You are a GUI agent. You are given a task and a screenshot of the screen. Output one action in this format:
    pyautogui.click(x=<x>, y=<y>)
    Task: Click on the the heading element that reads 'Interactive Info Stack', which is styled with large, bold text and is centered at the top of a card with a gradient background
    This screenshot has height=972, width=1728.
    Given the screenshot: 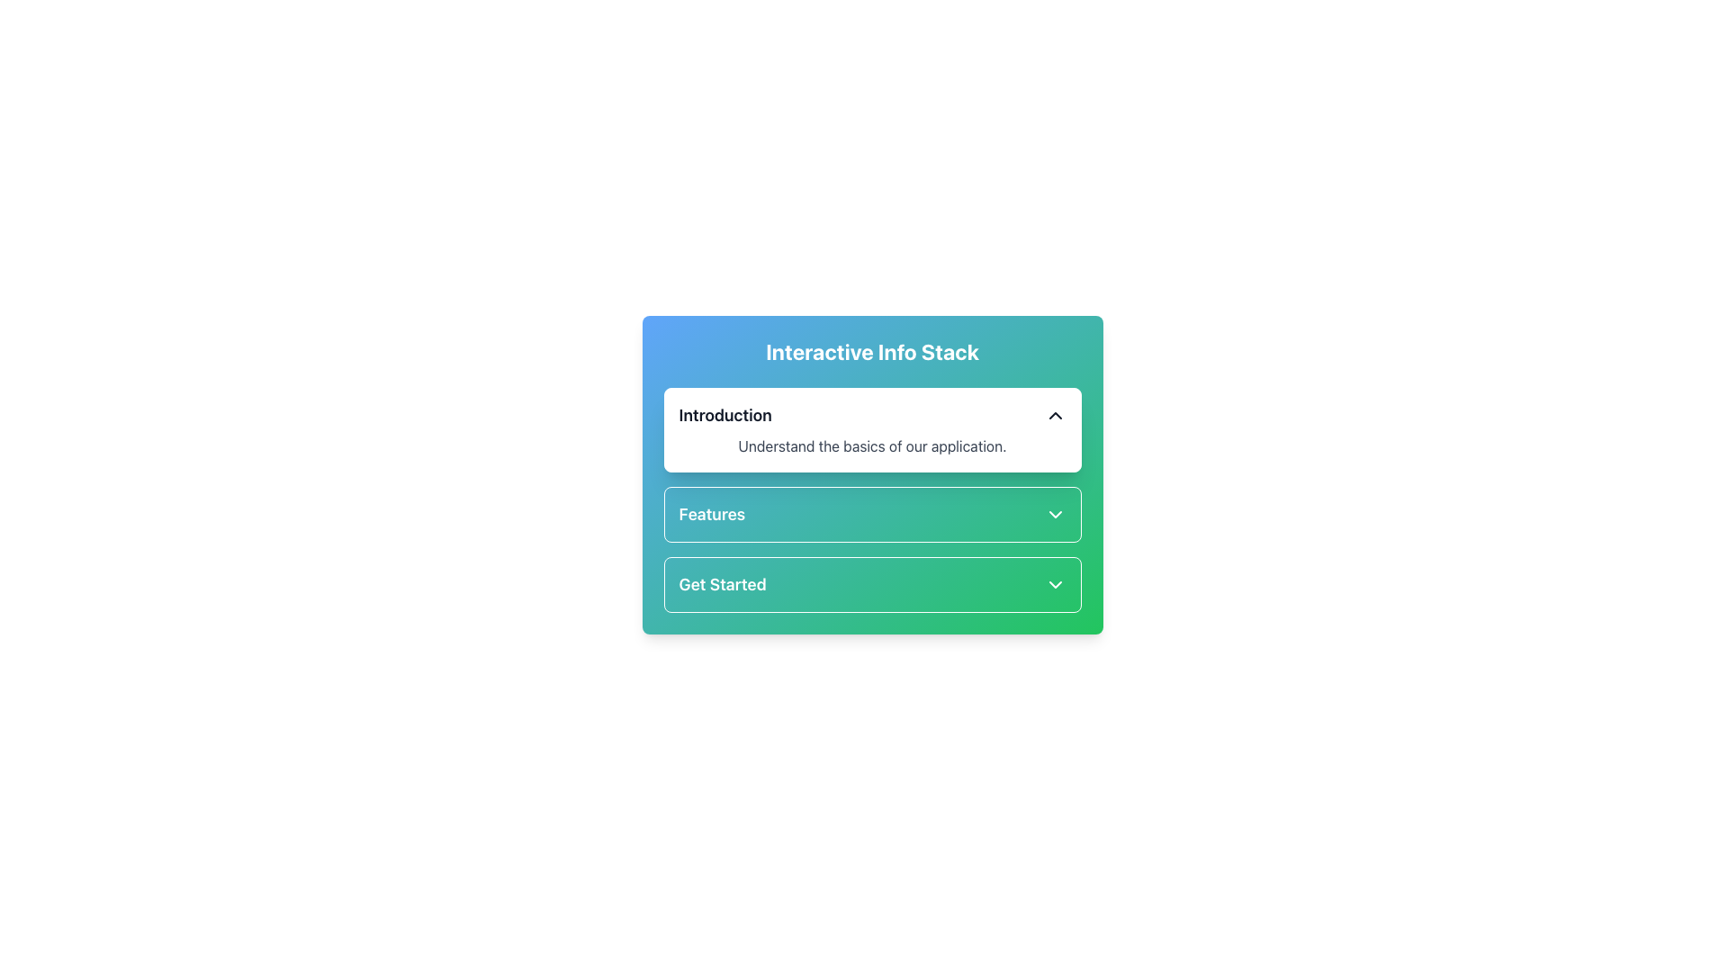 What is the action you would take?
    pyautogui.click(x=872, y=351)
    